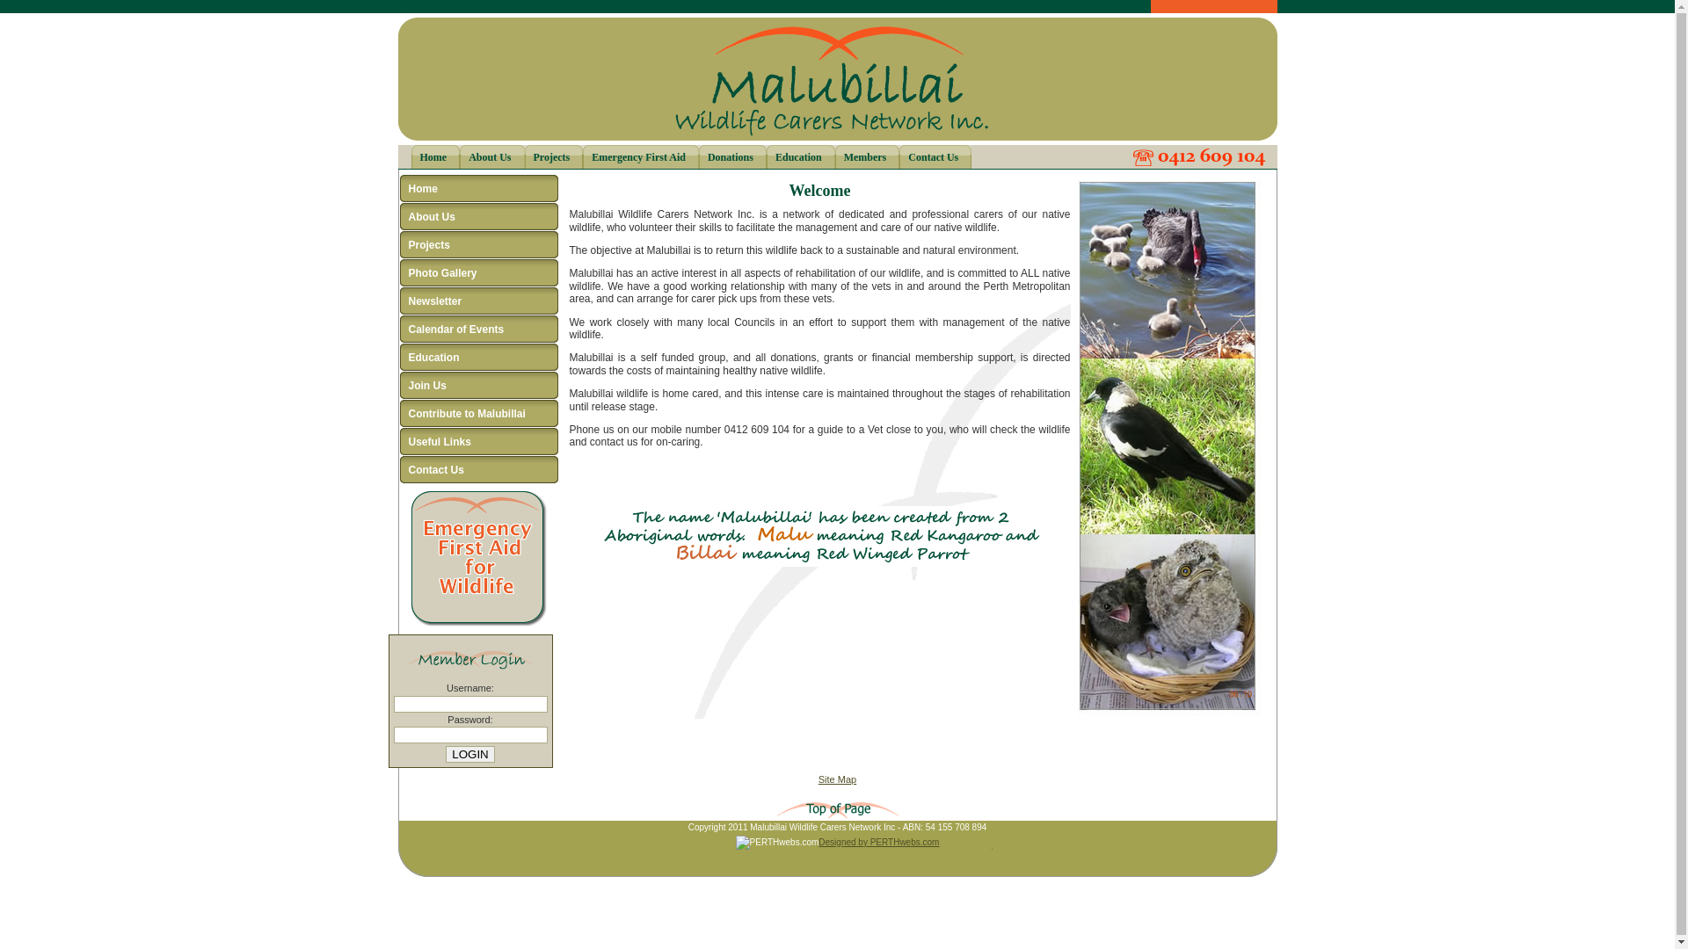 The width and height of the screenshot is (1688, 949). Describe the element at coordinates (732, 156) in the screenshot. I see `'Donations'` at that location.